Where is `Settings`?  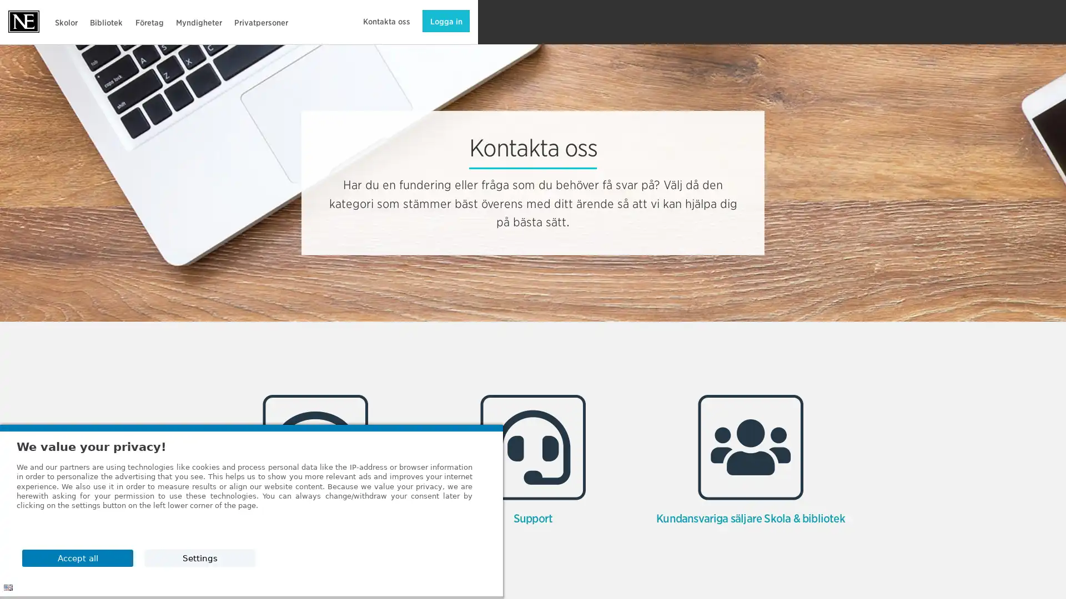
Settings is located at coordinates (804, 557).